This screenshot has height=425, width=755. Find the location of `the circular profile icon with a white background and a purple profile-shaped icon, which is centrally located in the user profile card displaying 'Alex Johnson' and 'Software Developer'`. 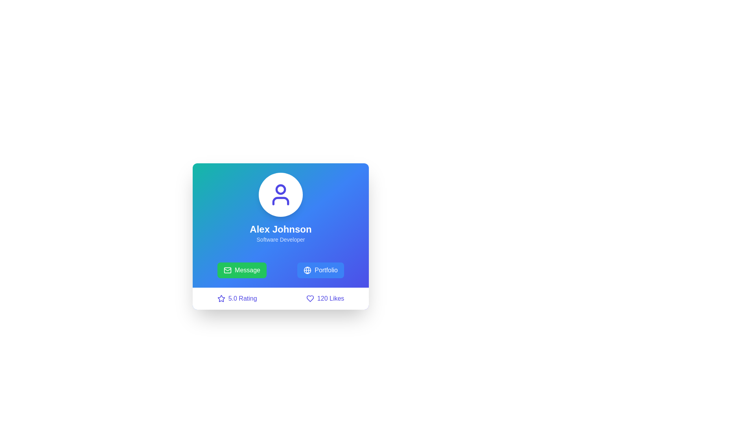

the circular profile icon with a white background and a purple profile-shaped icon, which is centrally located in the user profile card displaying 'Alex Johnson' and 'Software Developer' is located at coordinates (281, 194).